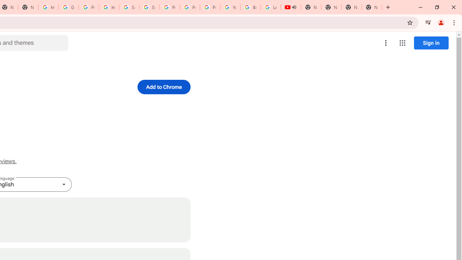 This screenshot has width=462, height=260. Describe the element at coordinates (190, 7) in the screenshot. I see `'Privacy Help Center - Policies Help'` at that location.